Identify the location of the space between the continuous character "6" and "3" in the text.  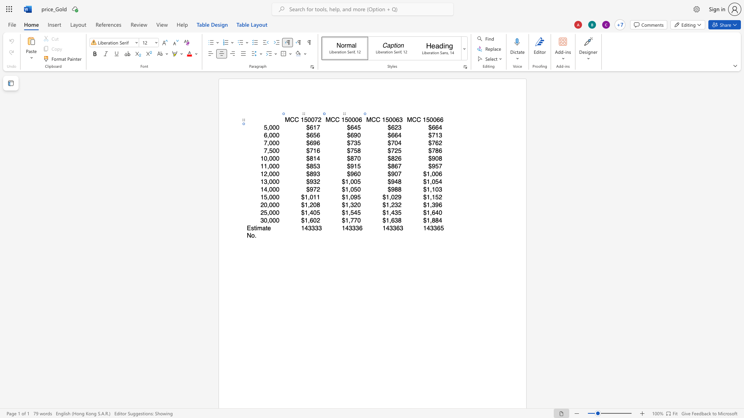
(399, 120).